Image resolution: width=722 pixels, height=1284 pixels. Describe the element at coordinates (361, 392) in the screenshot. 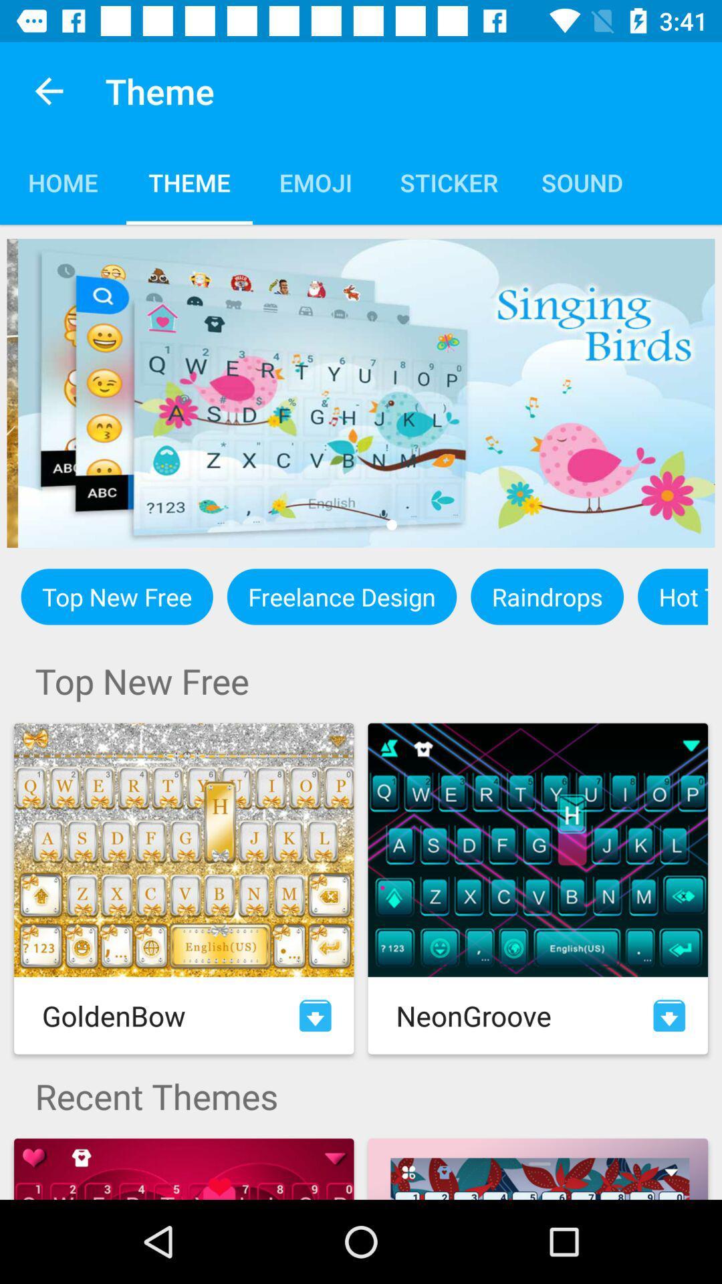

I see `item below the home` at that location.